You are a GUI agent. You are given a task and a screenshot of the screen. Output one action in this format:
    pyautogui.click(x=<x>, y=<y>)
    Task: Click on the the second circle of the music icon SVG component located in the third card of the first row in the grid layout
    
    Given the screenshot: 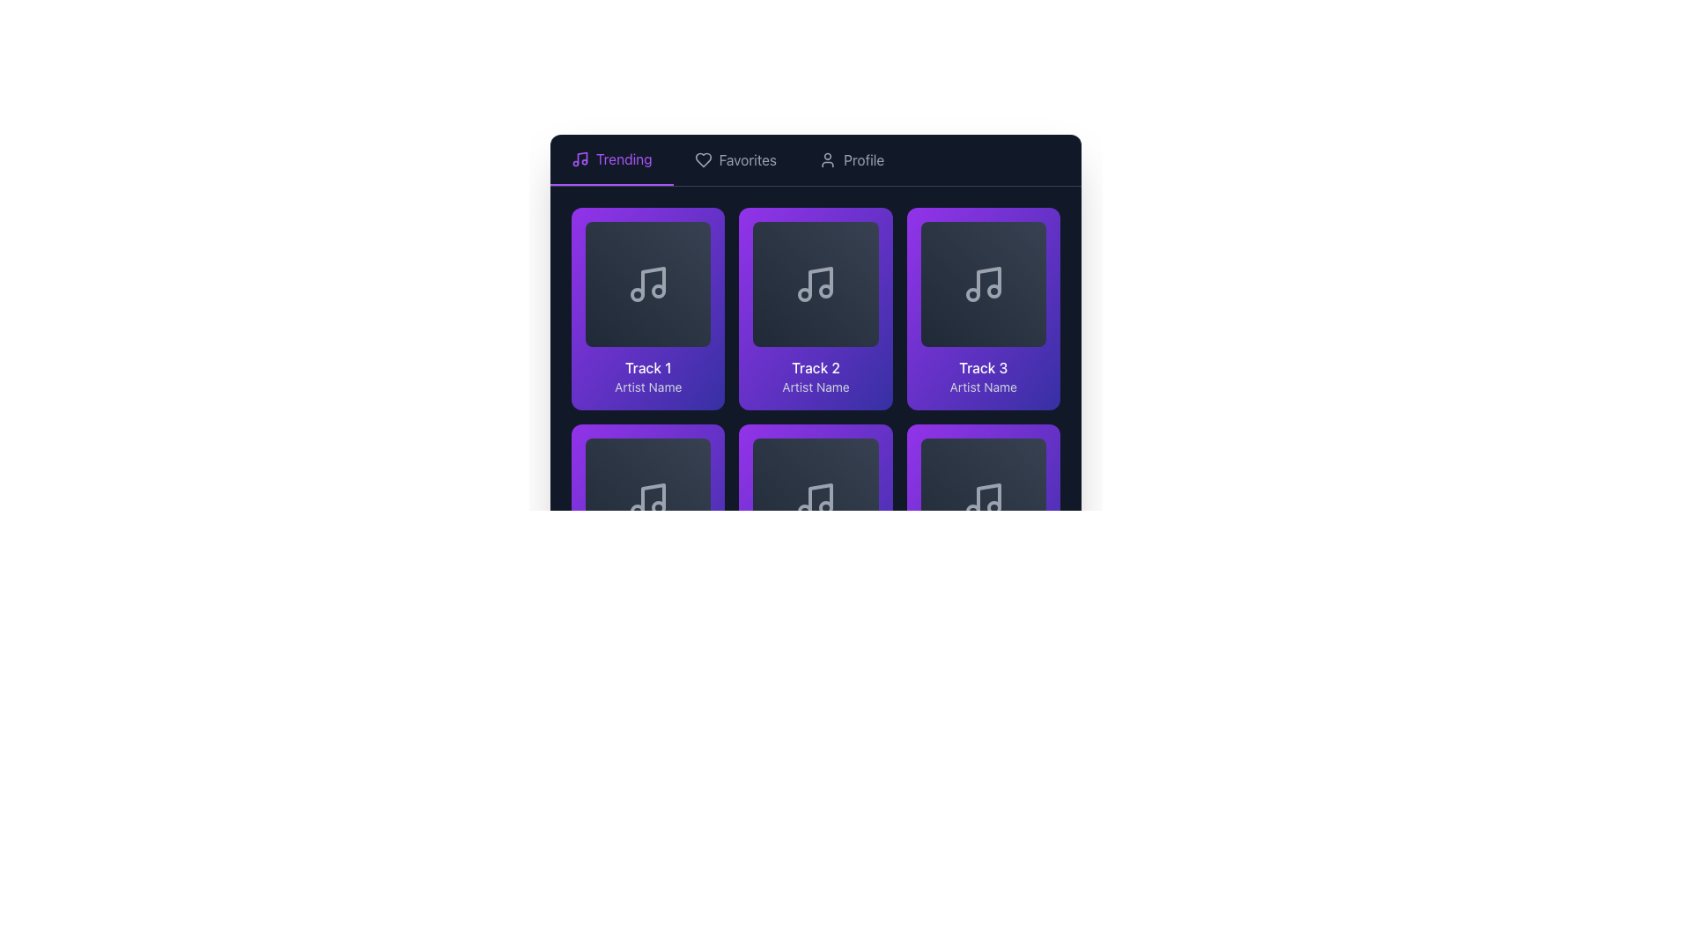 What is the action you would take?
    pyautogui.click(x=993, y=291)
    